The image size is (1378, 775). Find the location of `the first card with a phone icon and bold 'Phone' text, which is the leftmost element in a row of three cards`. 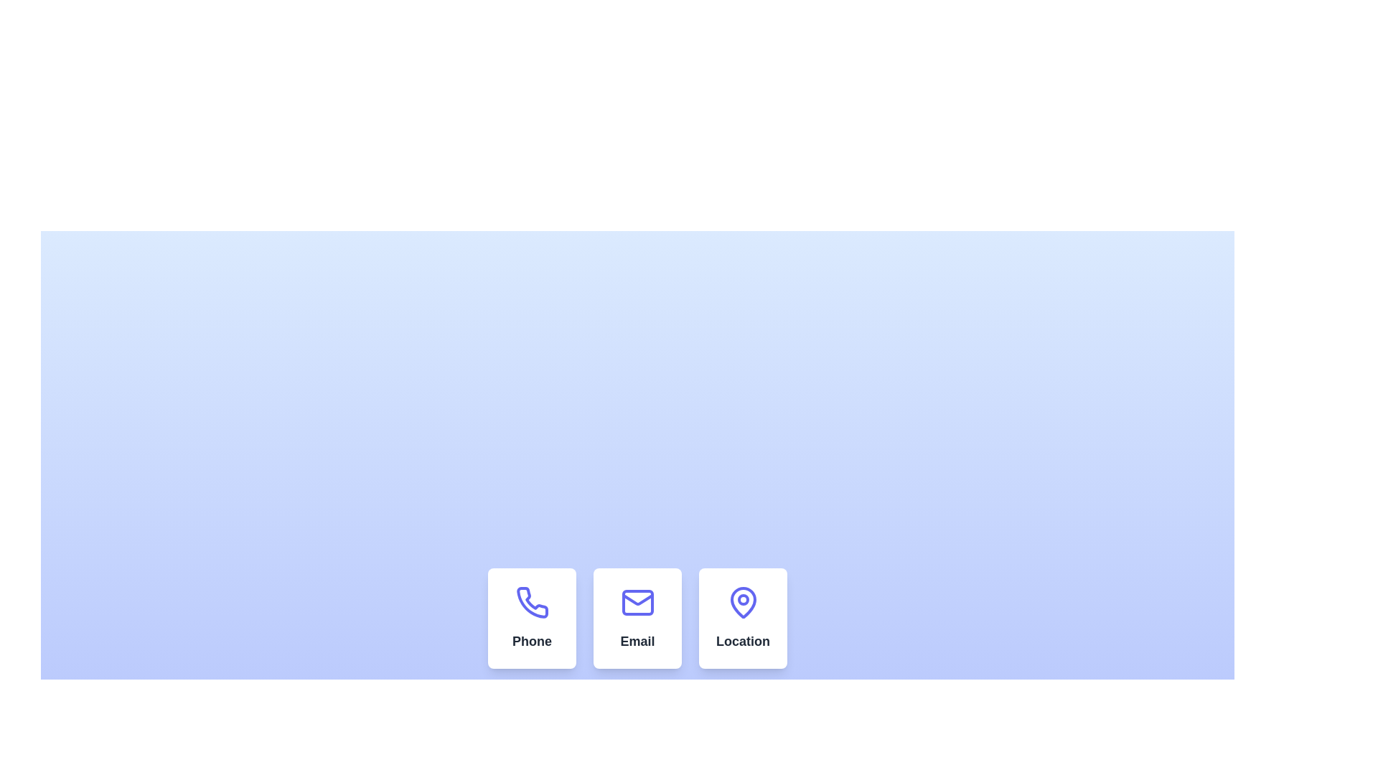

the first card with a phone icon and bold 'Phone' text, which is the leftmost element in a row of three cards is located at coordinates (531, 617).